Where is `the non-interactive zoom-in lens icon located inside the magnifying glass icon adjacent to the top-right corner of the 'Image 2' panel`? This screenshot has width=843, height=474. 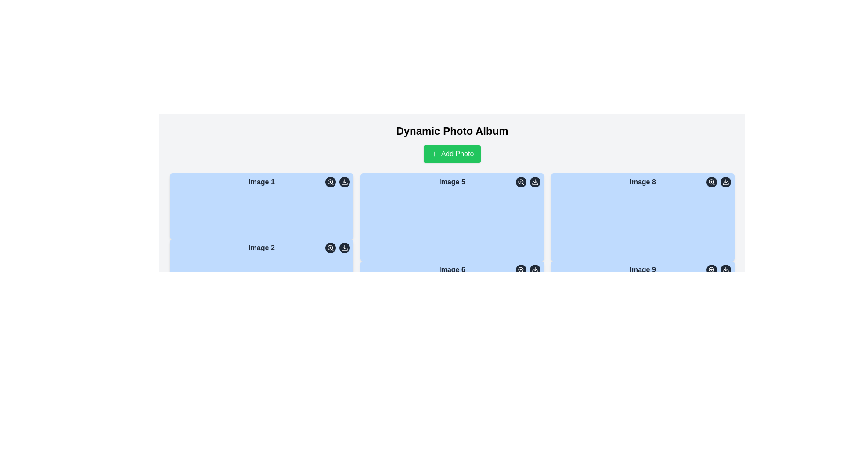
the non-interactive zoom-in lens icon located inside the magnifying glass icon adjacent to the top-right corner of the 'Image 2' panel is located at coordinates (330, 248).